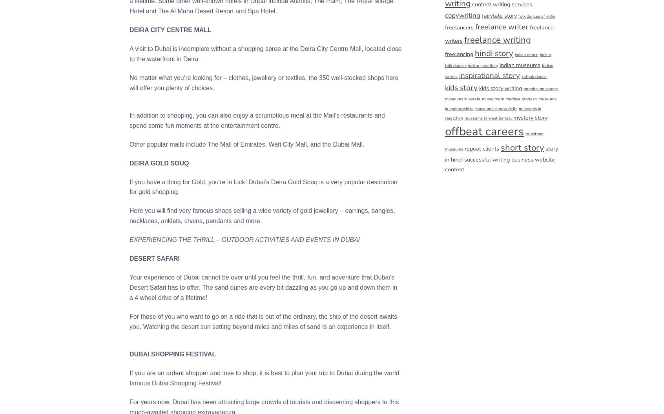 This screenshot has width=664, height=414. What do you see at coordinates (522, 147) in the screenshot?
I see `'short story'` at bounding box center [522, 147].